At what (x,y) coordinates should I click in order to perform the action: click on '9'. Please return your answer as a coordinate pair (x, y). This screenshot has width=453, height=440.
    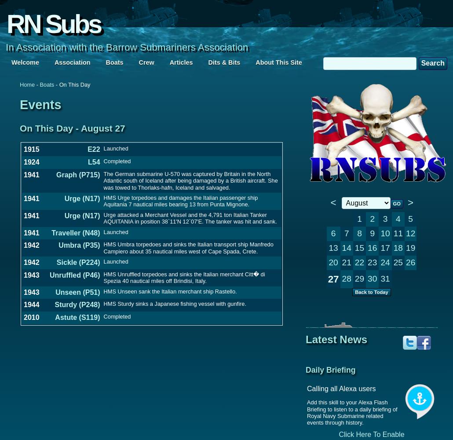
    Looking at the image, I should click on (372, 233).